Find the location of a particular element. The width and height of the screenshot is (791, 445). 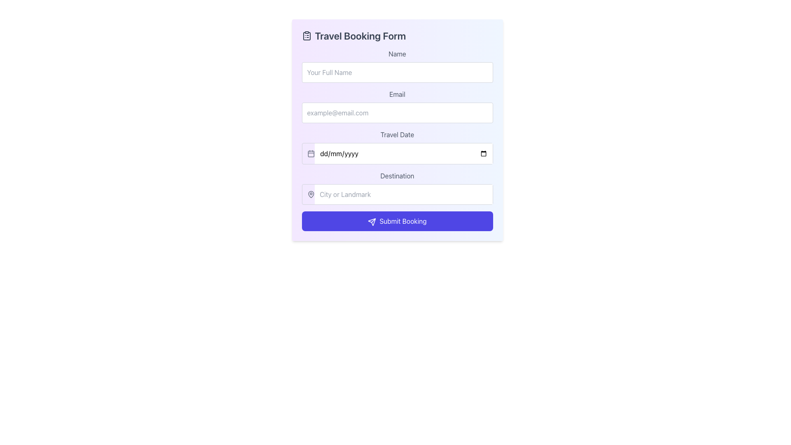

the text input field for entering the desired city or landmark in the 'Travel Booking Form' located under the 'Destination' label is located at coordinates (397, 194).